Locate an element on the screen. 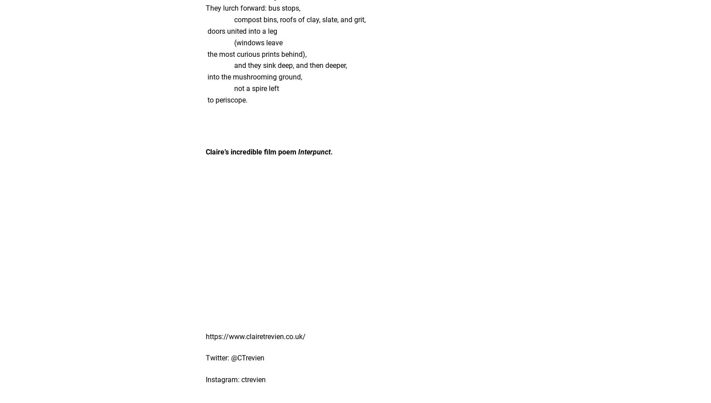  'doors united into a leg' is located at coordinates (241, 31).